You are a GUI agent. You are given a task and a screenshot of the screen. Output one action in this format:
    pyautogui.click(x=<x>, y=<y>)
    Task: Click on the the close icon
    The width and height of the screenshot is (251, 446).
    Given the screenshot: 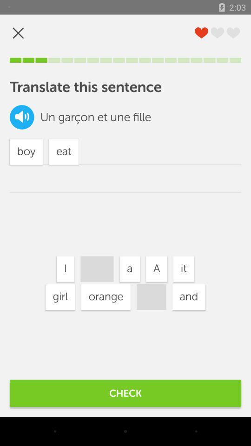 What is the action you would take?
    pyautogui.click(x=18, y=33)
    